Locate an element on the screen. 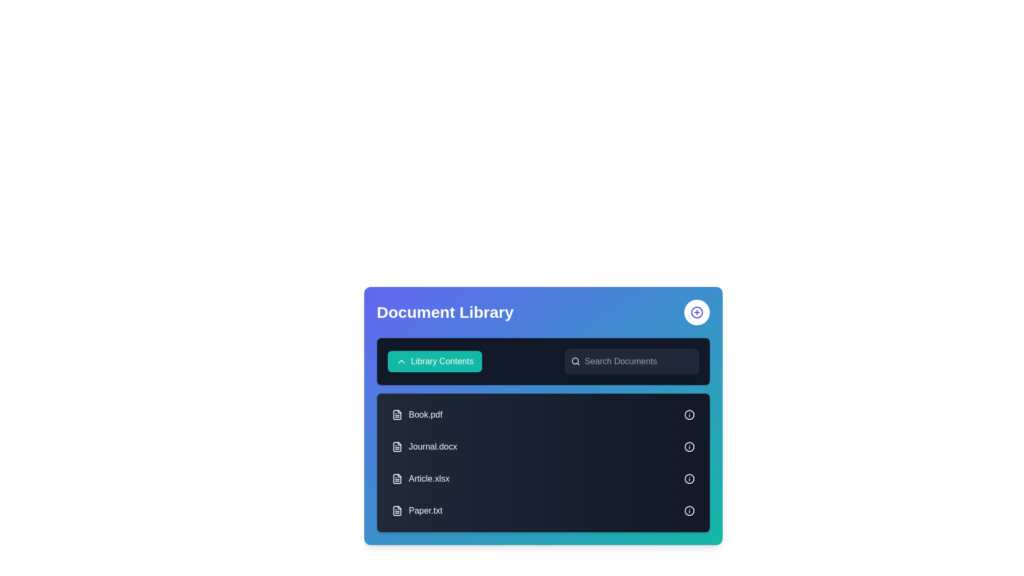 This screenshot has width=1024, height=576. the visual appearance of the search icon represented by a magnifying glass shape, located to the left of the 'Search Documents' placeholder text in the search bar is located at coordinates (575, 361).